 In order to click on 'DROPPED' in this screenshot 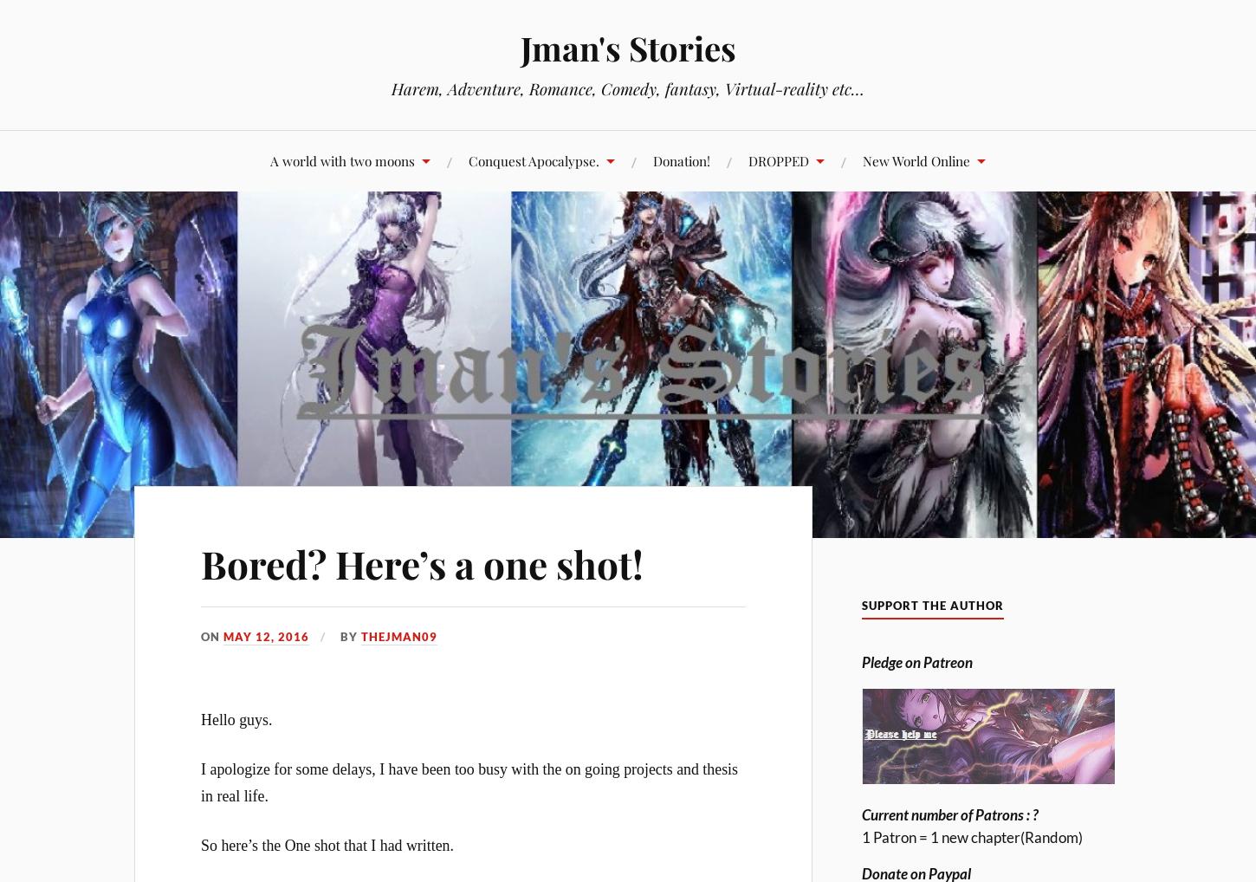, I will do `click(778, 159)`.